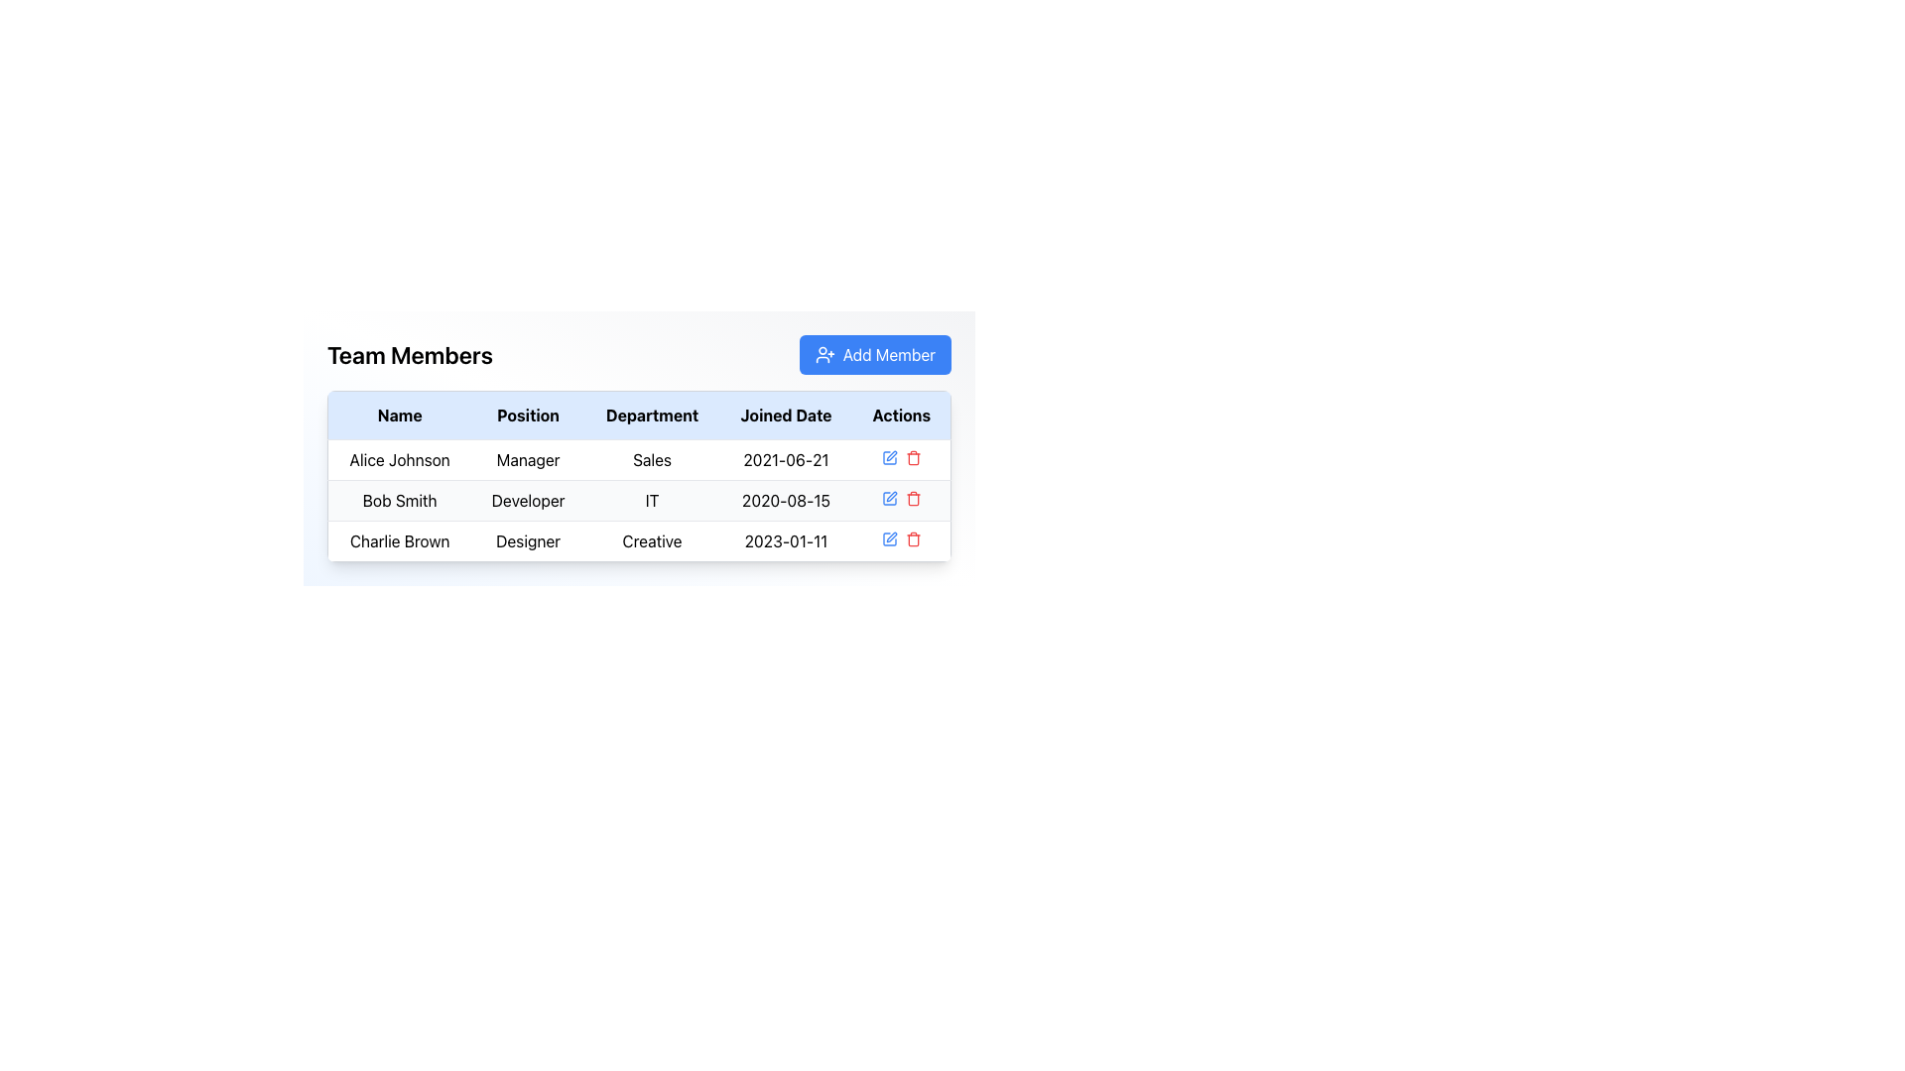 The height and width of the screenshot is (1071, 1905). Describe the element at coordinates (888, 458) in the screenshot. I see `the edit button located in the 'Actions' column of the first row of the table under 'Team Members', which is positioned to the left of a red colored trash icon` at that location.